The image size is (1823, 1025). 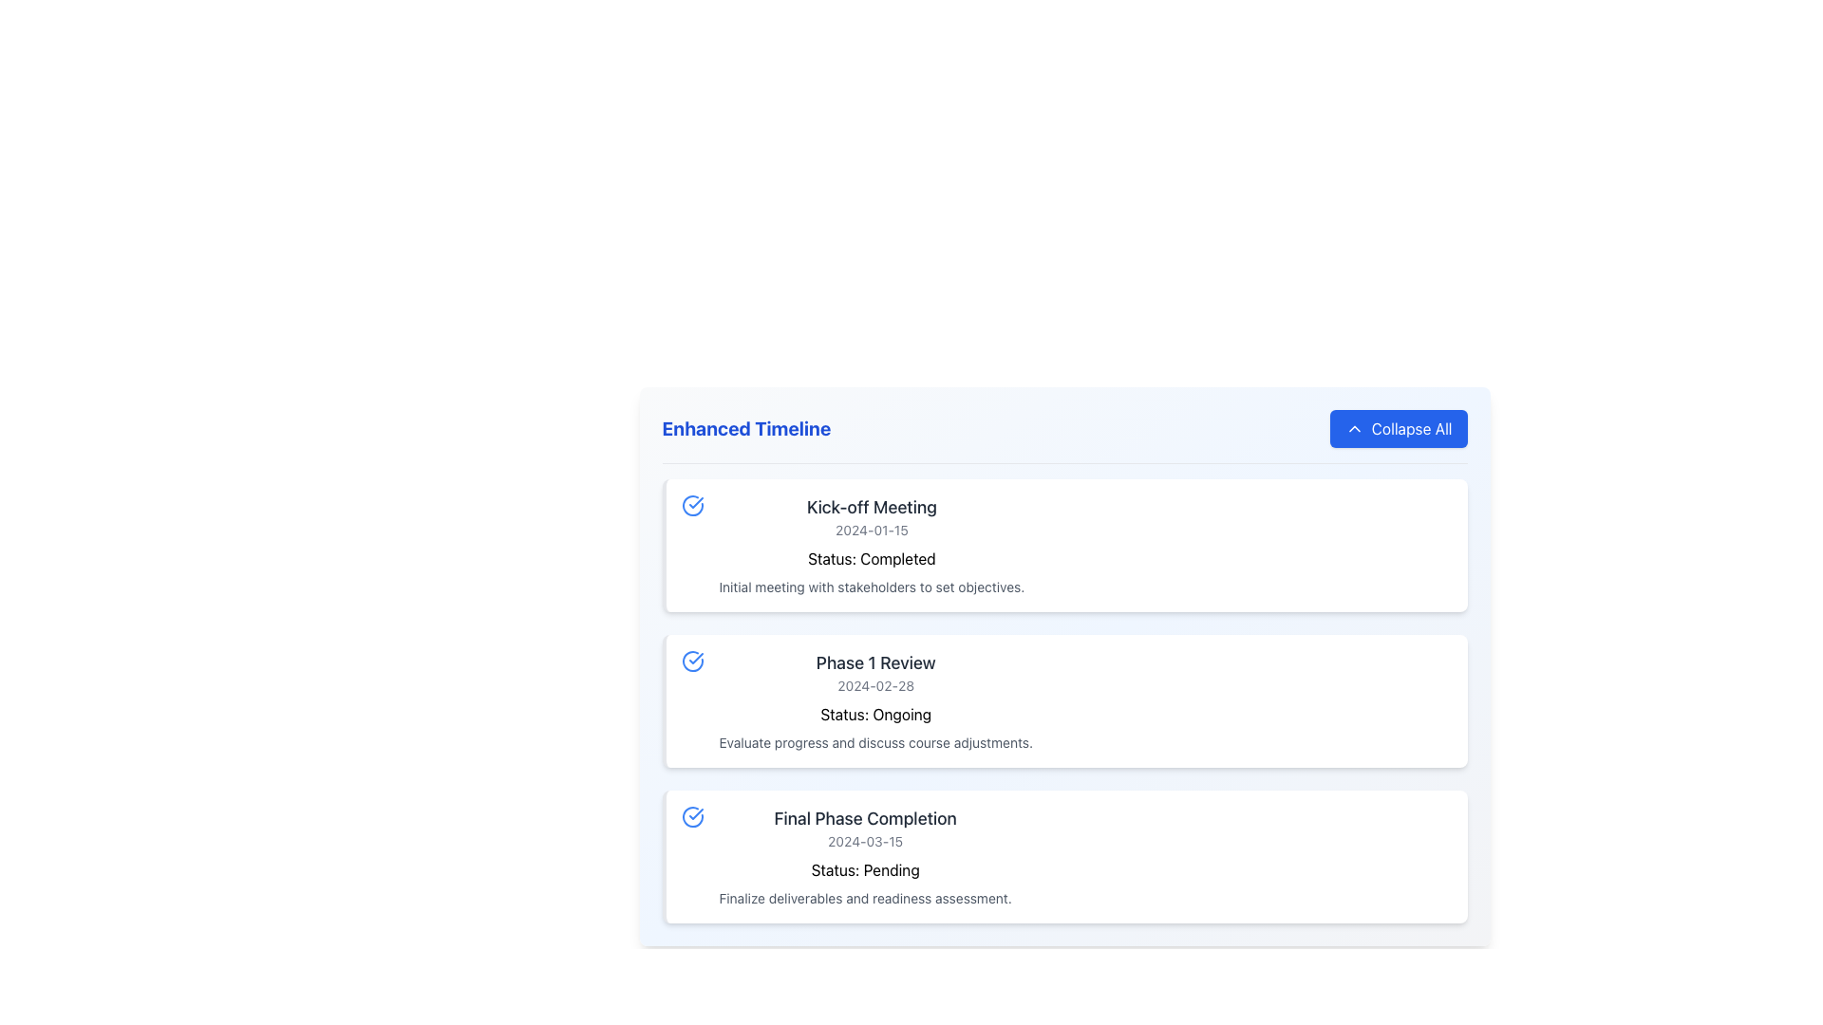 I want to click on text label displaying 'Status: Pending' located in the 'Final Phase Completion' section of the timeline, positioned between the date '2024-03-15' and the text 'Finalize deliverables and readiness assessment', so click(x=864, y=867).